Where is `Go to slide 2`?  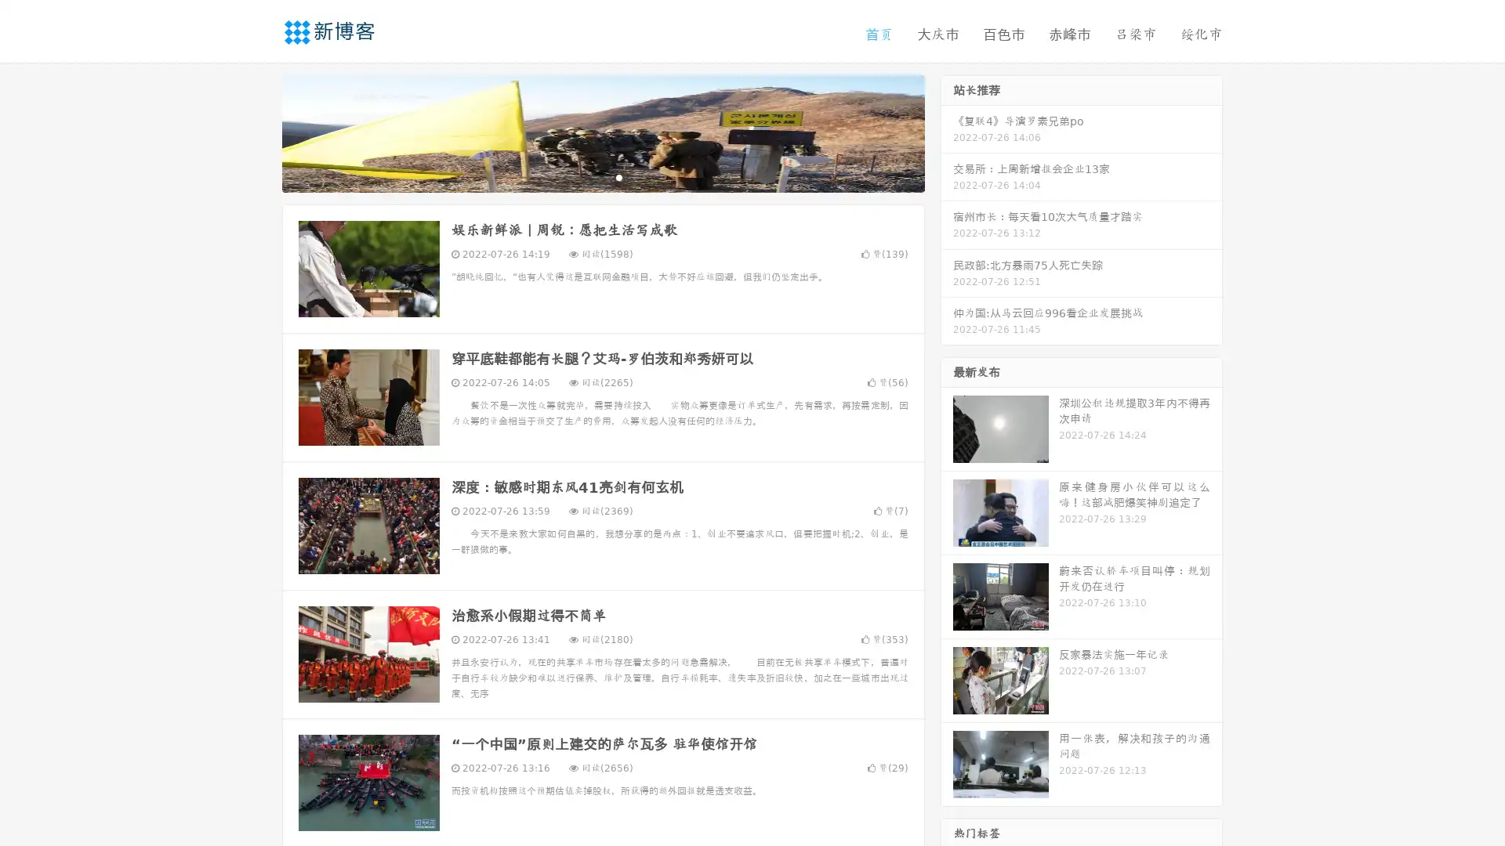 Go to slide 2 is located at coordinates (602, 176).